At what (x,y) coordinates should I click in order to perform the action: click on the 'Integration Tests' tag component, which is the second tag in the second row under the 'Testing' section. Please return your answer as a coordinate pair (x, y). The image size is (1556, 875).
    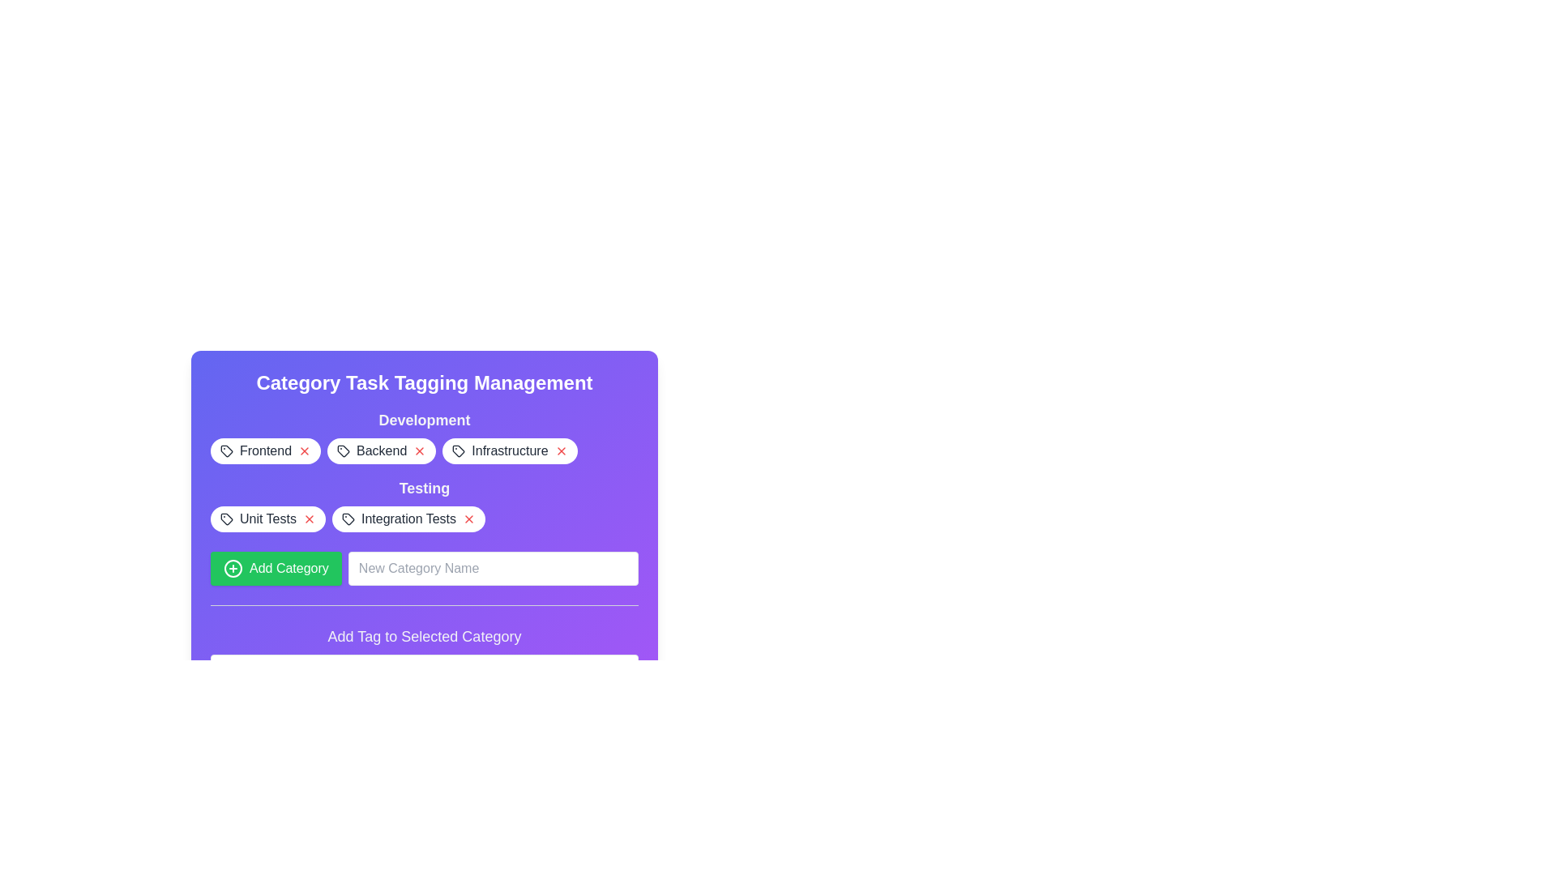
    Looking at the image, I should click on (408, 519).